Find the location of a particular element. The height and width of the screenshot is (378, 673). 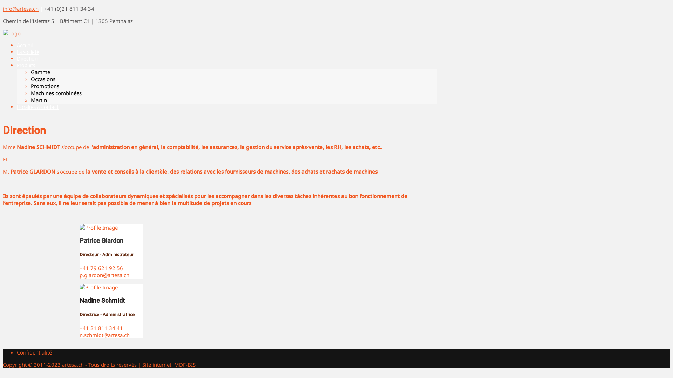

'Produits' is located at coordinates (17, 65).